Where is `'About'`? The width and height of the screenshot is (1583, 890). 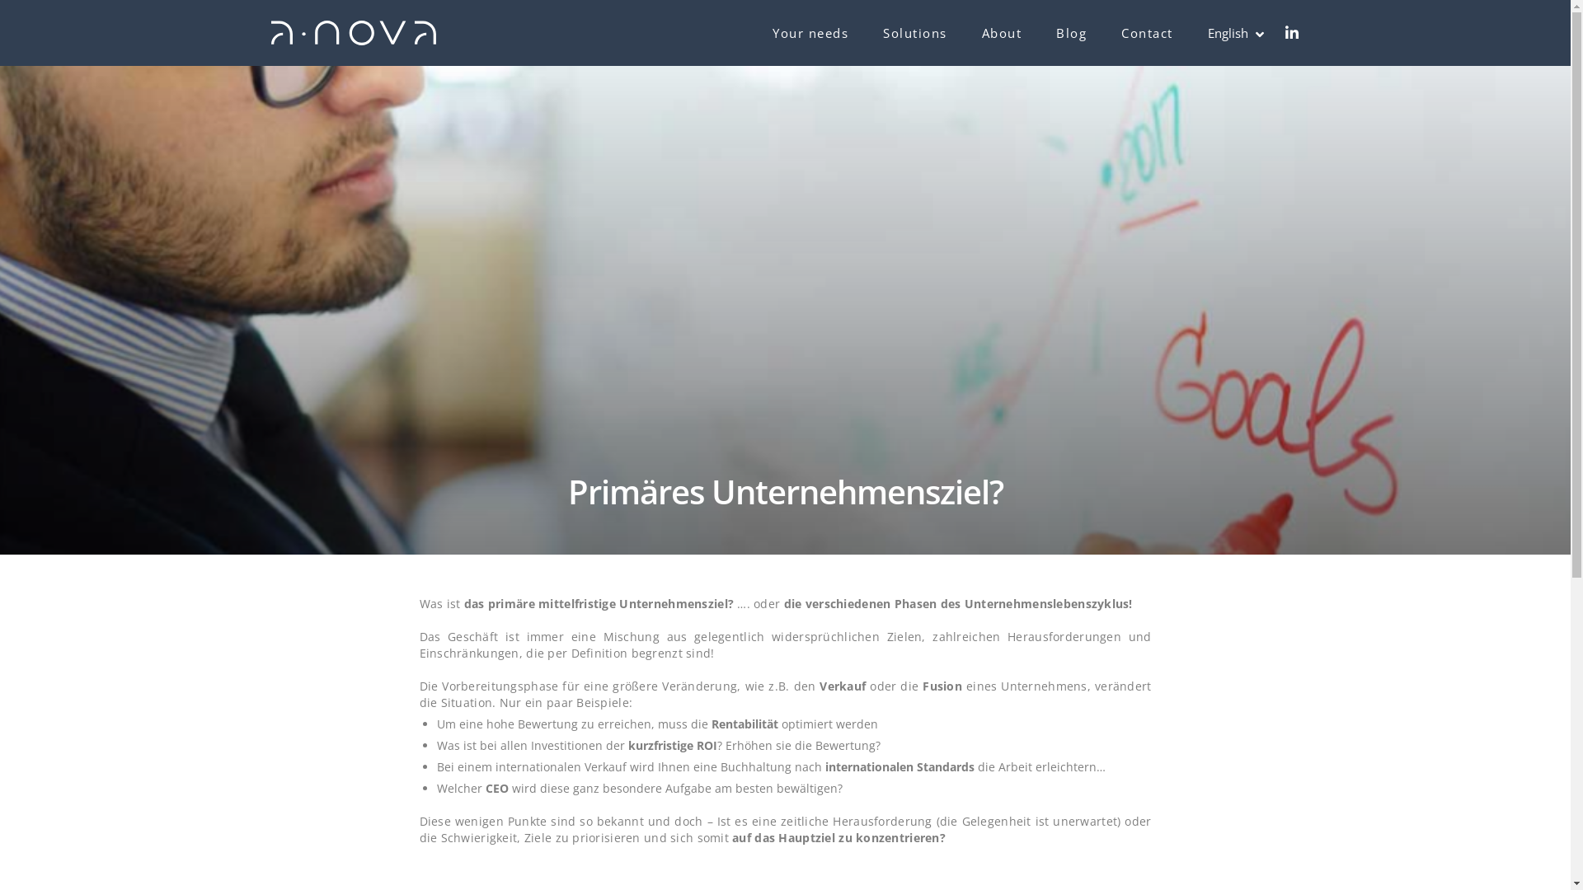
'About' is located at coordinates (1001, 32).